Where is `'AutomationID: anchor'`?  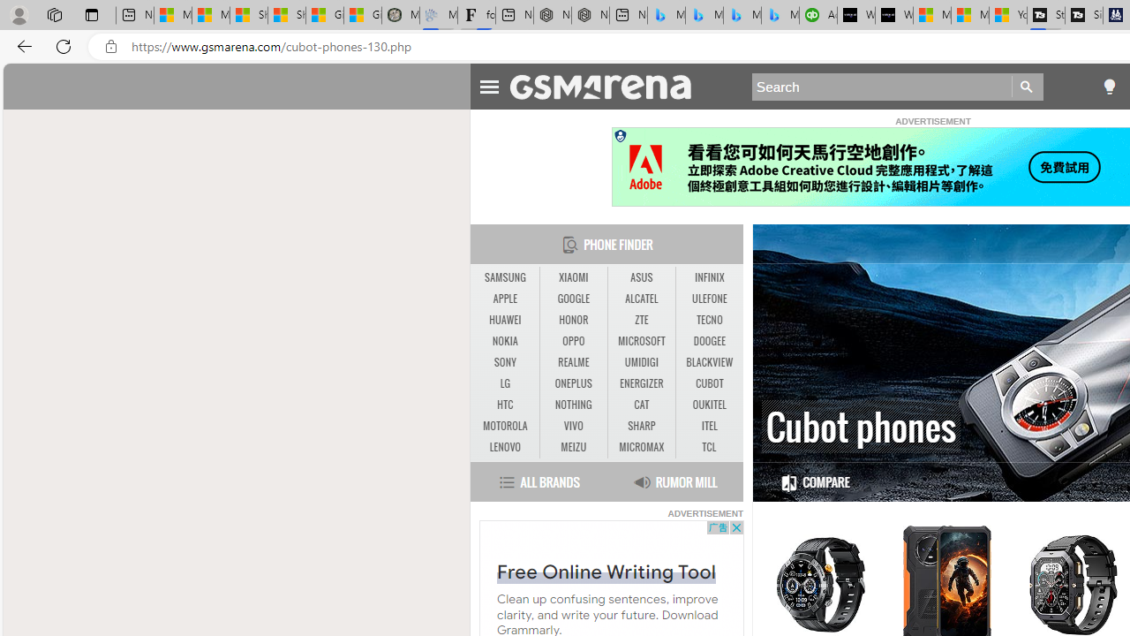 'AutomationID: anchor' is located at coordinates (608, 86).